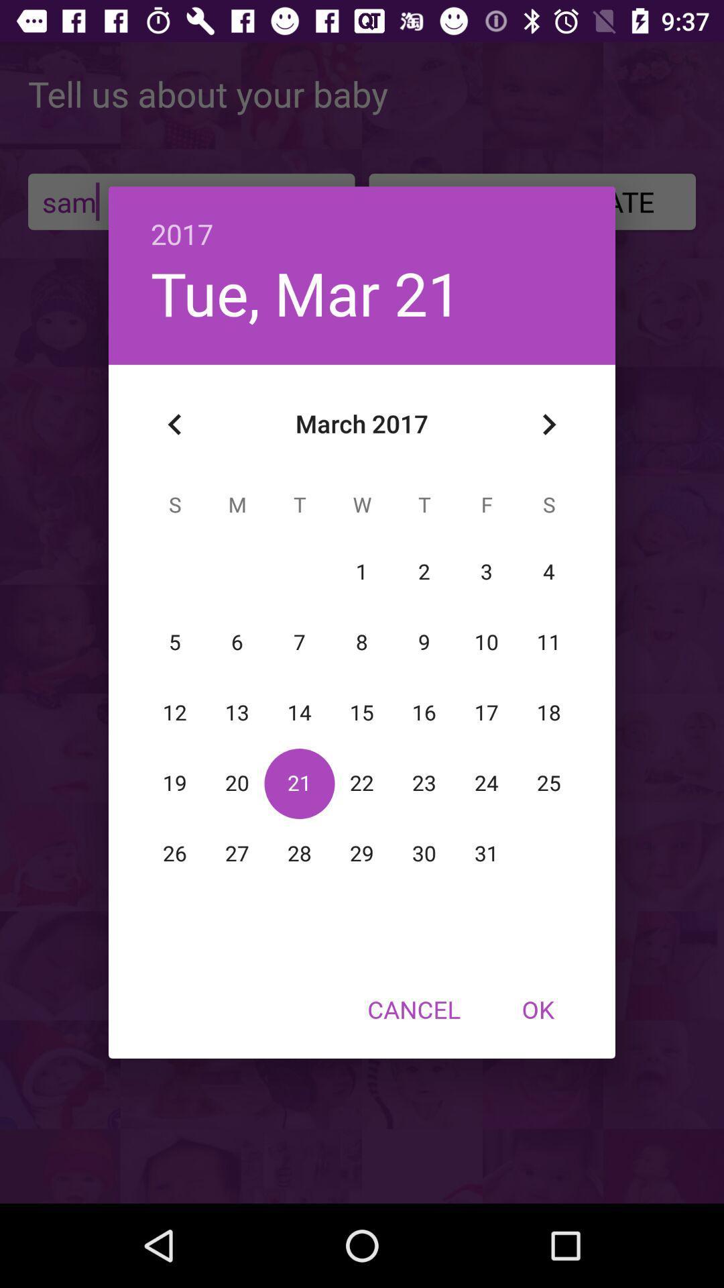 The width and height of the screenshot is (724, 1288). What do you see at coordinates (362, 219) in the screenshot?
I see `2017 icon` at bounding box center [362, 219].